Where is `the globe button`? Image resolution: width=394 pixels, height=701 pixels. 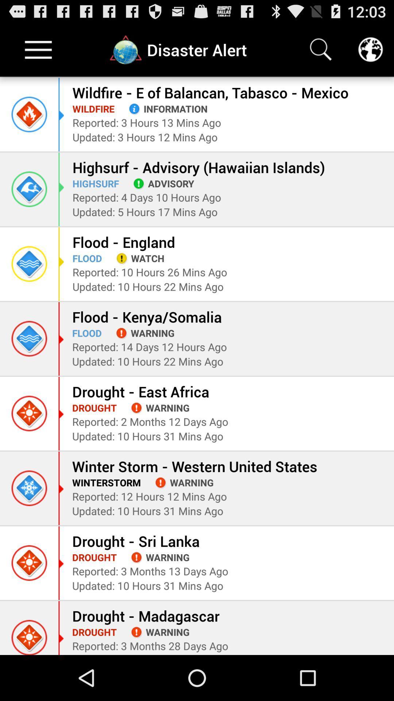
the globe button is located at coordinates (370, 49).